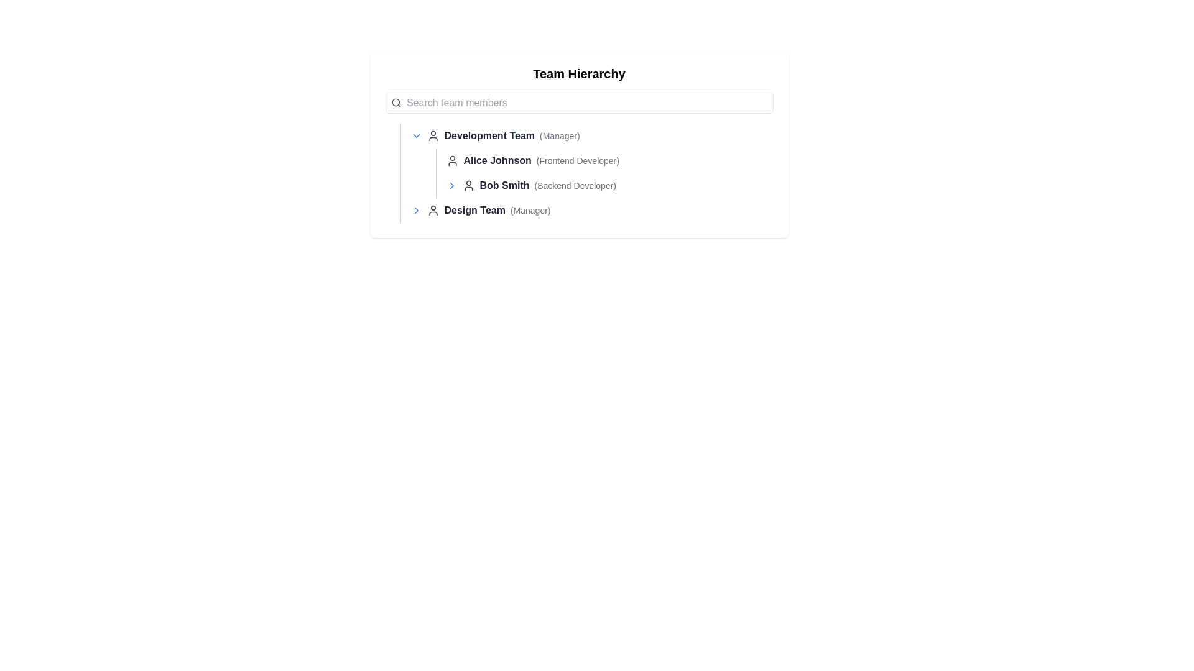 Image resolution: width=1194 pixels, height=671 pixels. What do you see at coordinates (468, 186) in the screenshot?
I see `the SVG icon representing the user associated with 'Bob Smith' (Backend Developer) located to the left of the text in the same row` at bounding box center [468, 186].